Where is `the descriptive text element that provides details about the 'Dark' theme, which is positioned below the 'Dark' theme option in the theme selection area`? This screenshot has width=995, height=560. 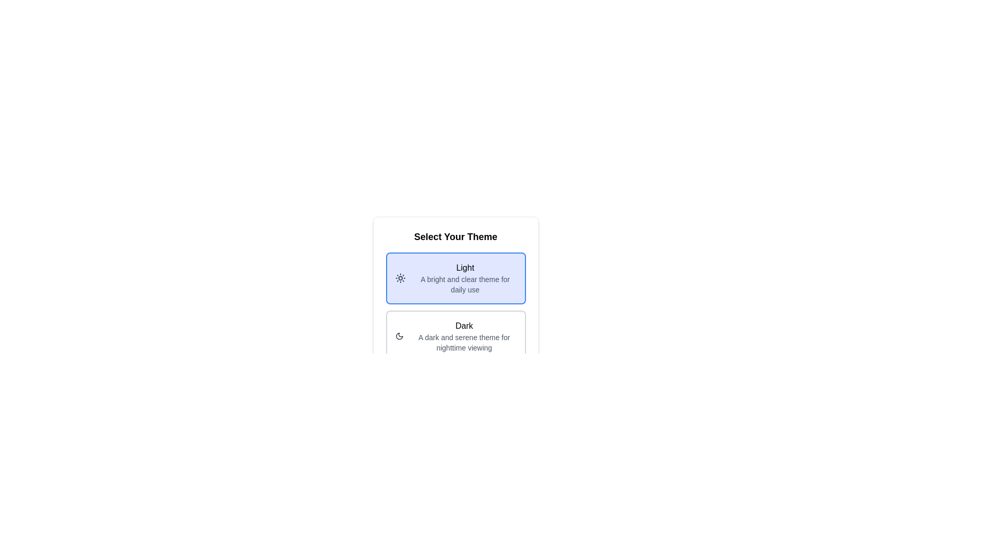
the descriptive text element that provides details about the 'Dark' theme, which is positioned below the 'Dark' theme option in the theme selection area is located at coordinates (463, 342).